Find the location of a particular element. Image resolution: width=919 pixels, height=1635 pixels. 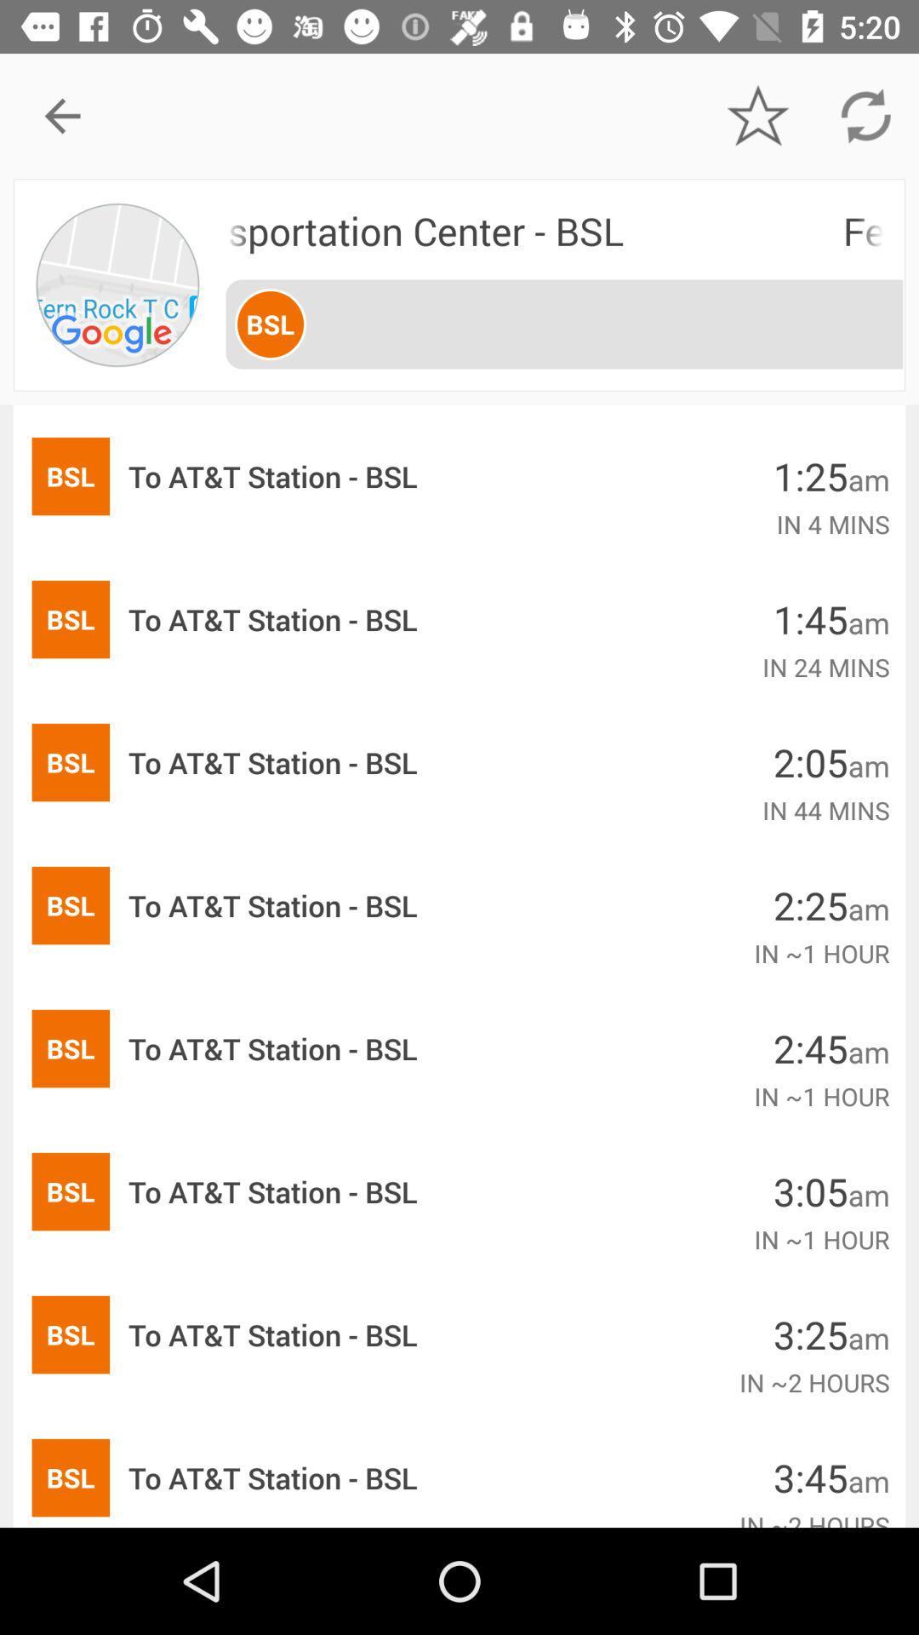

the item next to the fern rock transportation item is located at coordinates (117, 284).